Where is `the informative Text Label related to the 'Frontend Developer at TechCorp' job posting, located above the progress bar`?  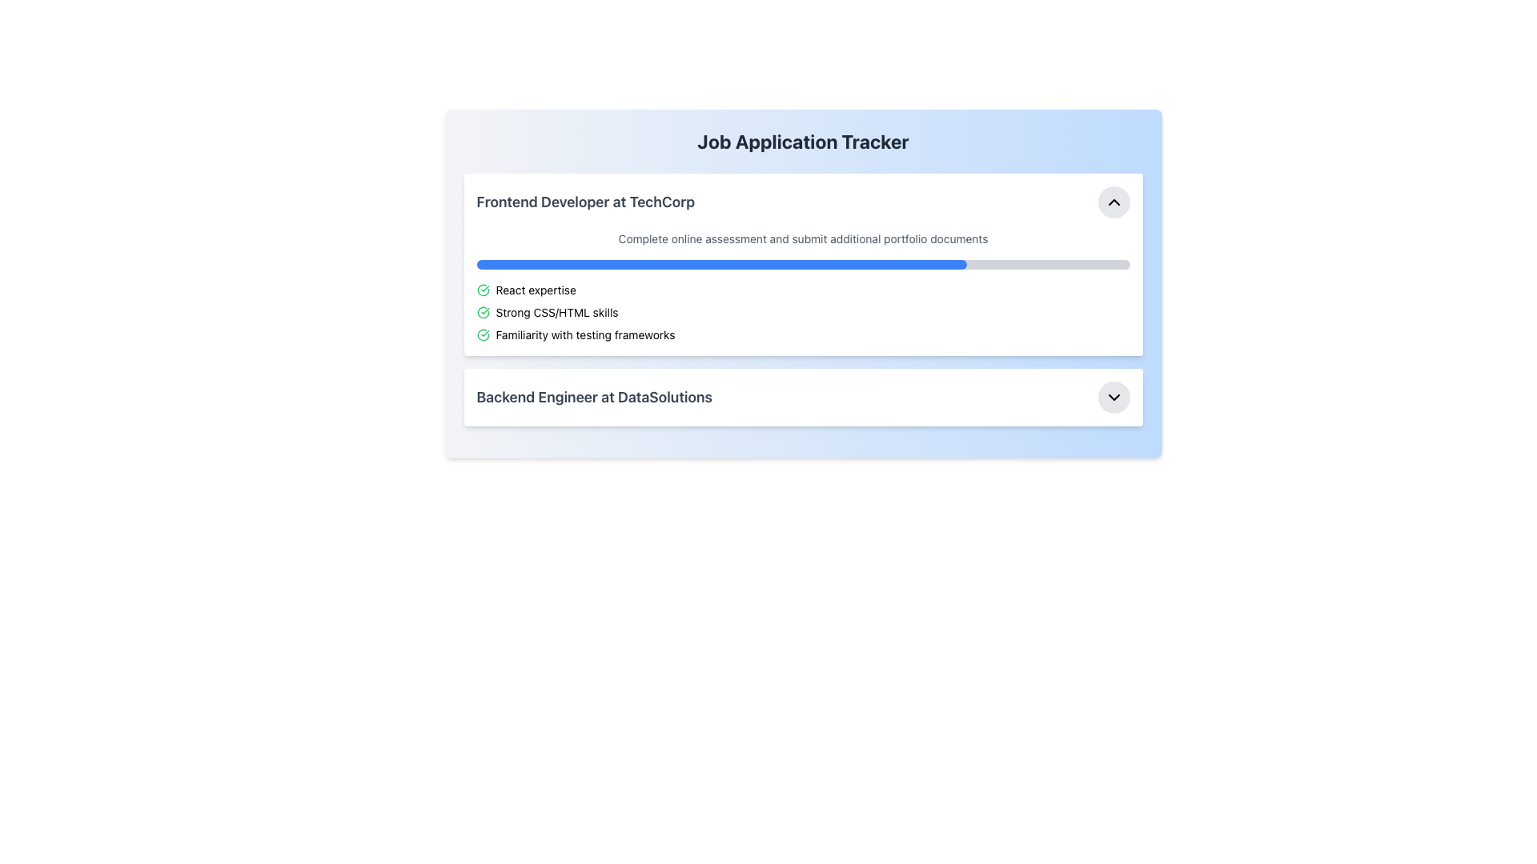 the informative Text Label related to the 'Frontend Developer at TechCorp' job posting, located above the progress bar is located at coordinates (803, 239).